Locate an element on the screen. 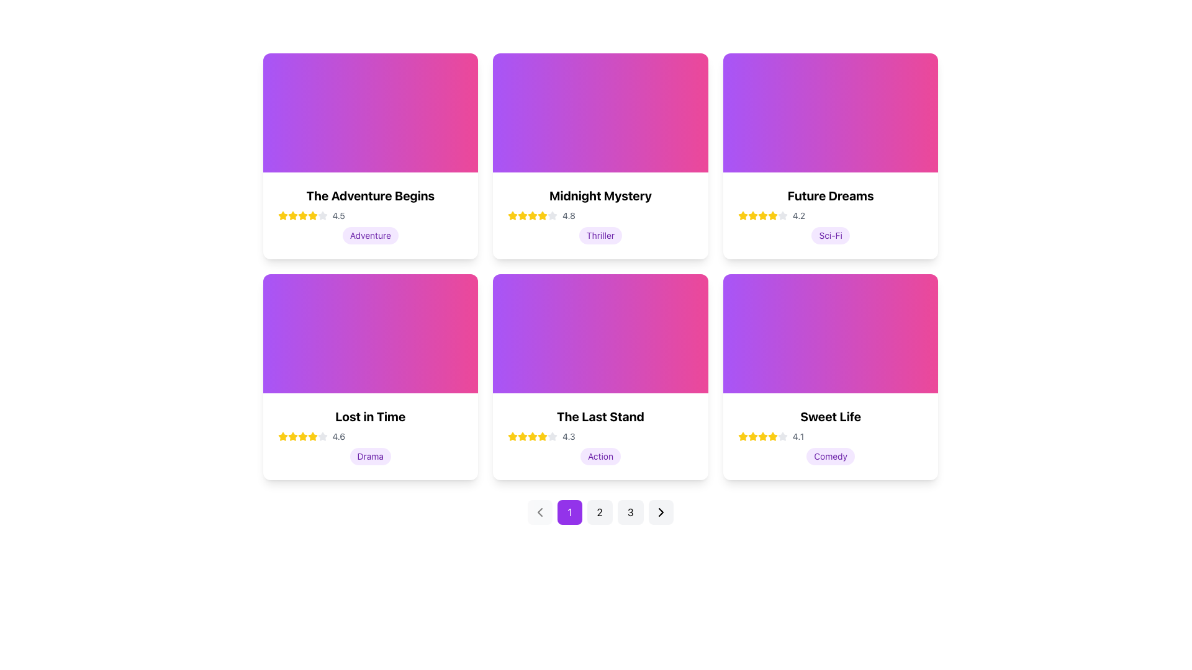 The height and width of the screenshot is (670, 1192). the text display element showing the numerical rating value (4.6) at the bottom of the 'Lost in Time' card is located at coordinates (338, 436).